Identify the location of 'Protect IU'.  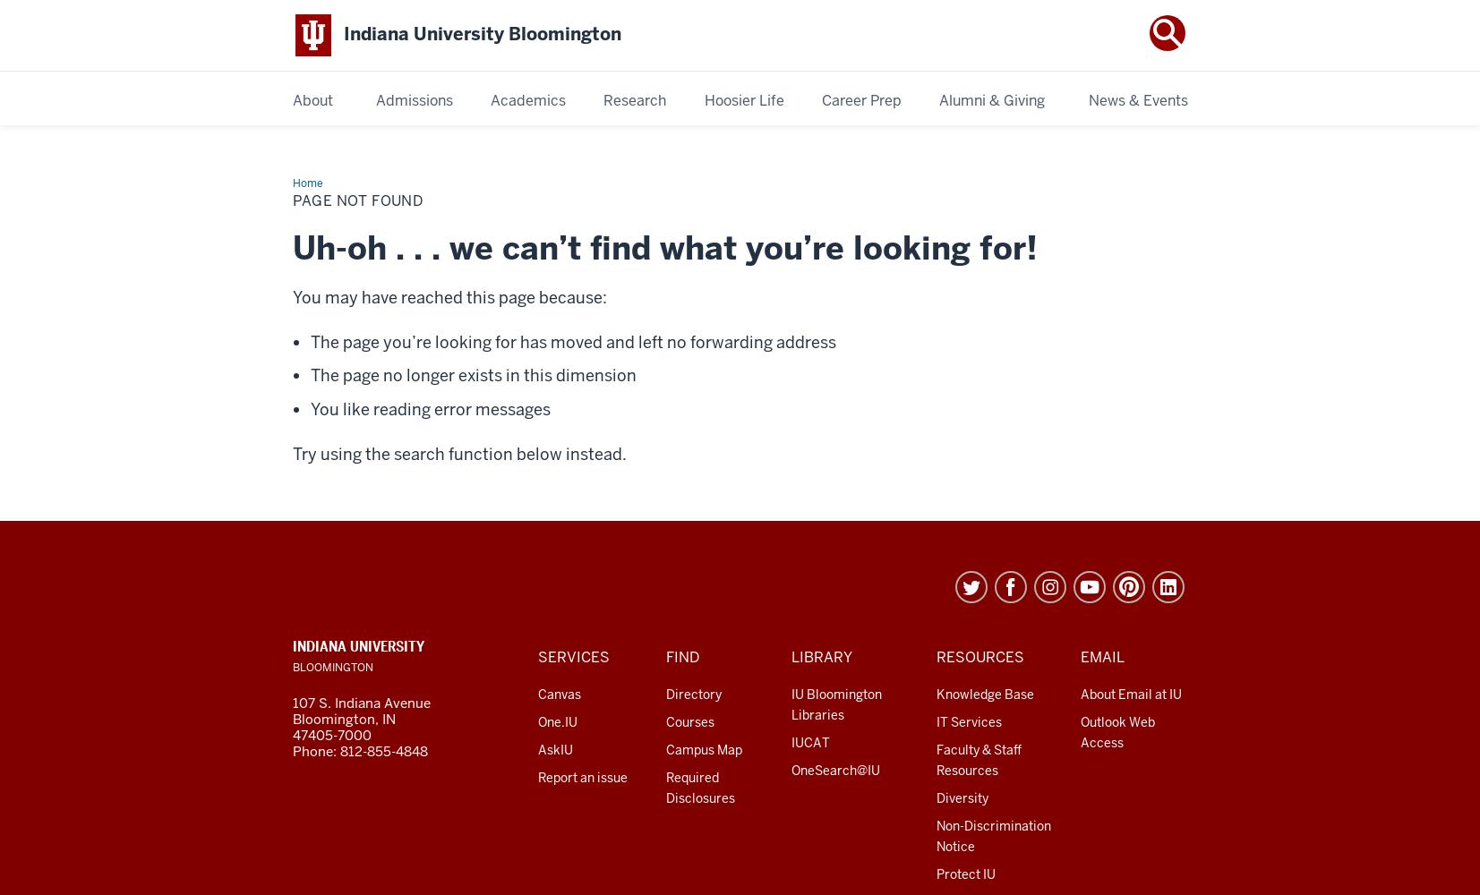
(964, 874).